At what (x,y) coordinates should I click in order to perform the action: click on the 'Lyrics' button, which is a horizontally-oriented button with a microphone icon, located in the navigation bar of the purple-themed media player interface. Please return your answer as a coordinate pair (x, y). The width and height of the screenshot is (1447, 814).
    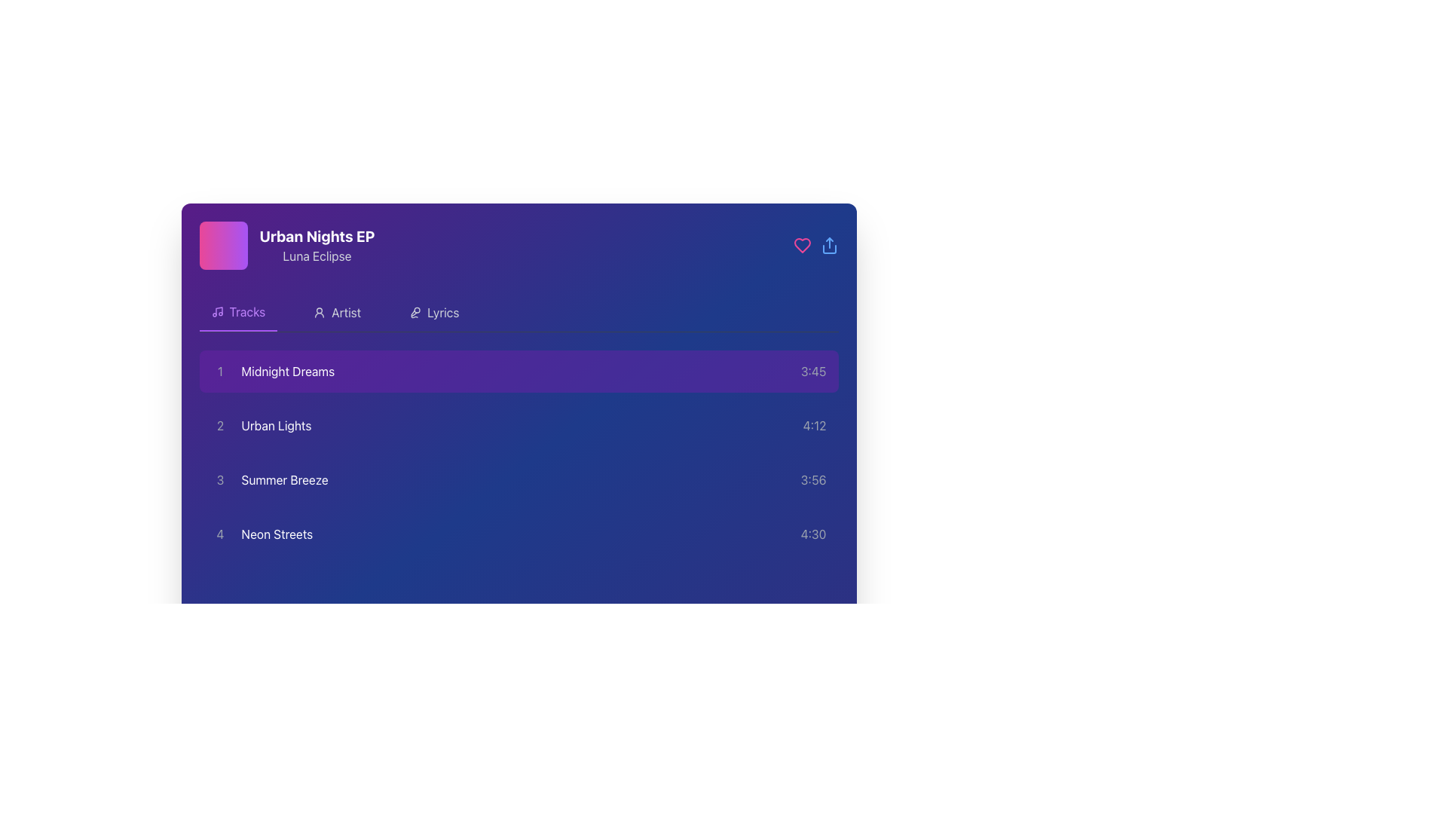
    Looking at the image, I should click on (433, 312).